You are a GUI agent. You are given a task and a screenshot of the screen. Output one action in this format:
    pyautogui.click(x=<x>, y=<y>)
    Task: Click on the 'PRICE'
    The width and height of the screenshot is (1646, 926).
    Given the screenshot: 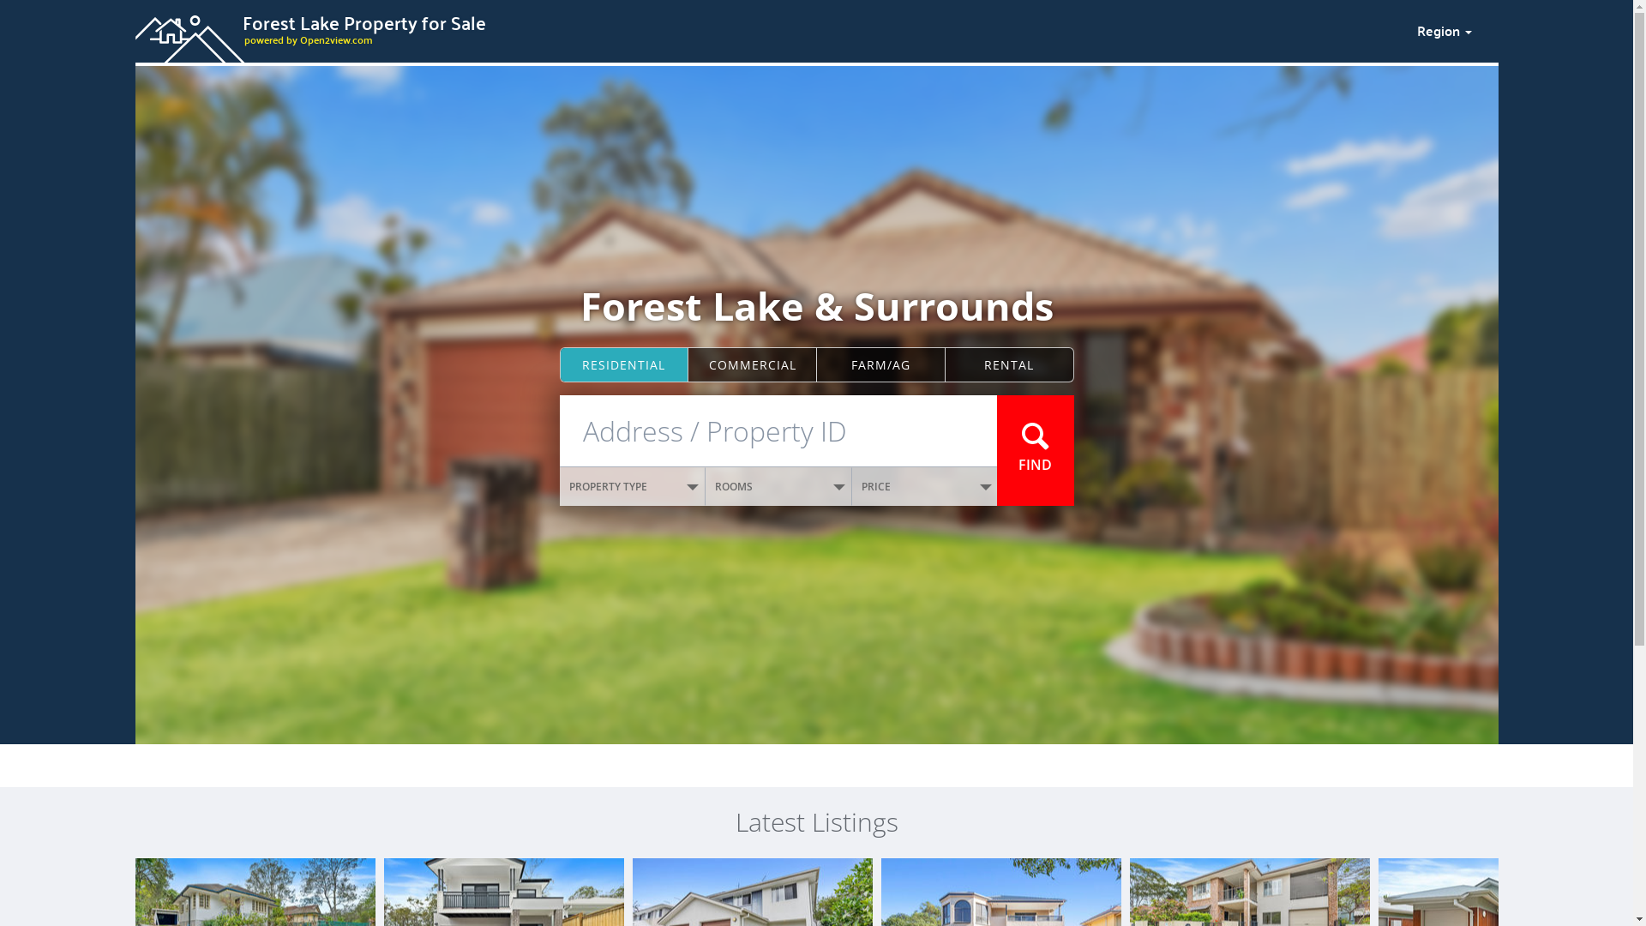 What is the action you would take?
    pyautogui.click(x=924, y=486)
    